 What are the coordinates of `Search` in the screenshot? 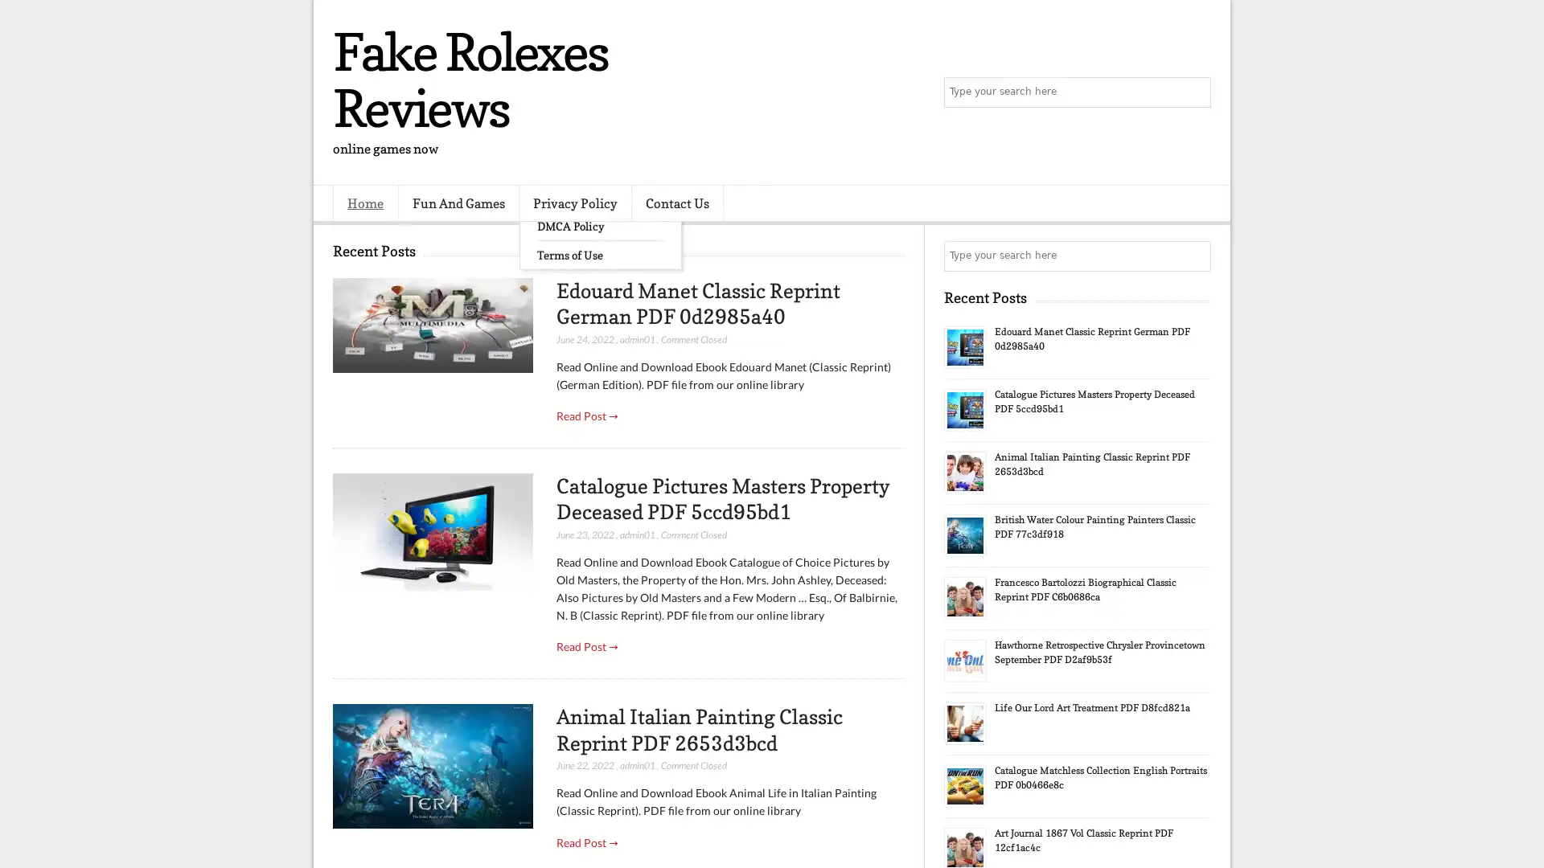 It's located at (1194, 256).